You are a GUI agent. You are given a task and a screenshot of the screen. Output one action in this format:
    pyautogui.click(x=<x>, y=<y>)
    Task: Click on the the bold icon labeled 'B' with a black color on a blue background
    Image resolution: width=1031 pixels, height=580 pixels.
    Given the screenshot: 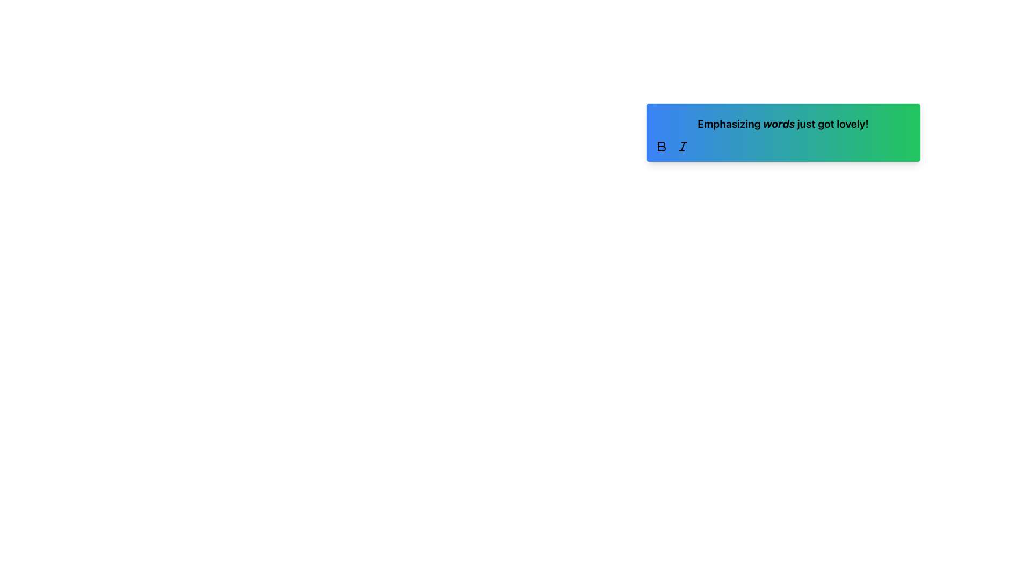 What is the action you would take?
    pyautogui.click(x=660, y=147)
    